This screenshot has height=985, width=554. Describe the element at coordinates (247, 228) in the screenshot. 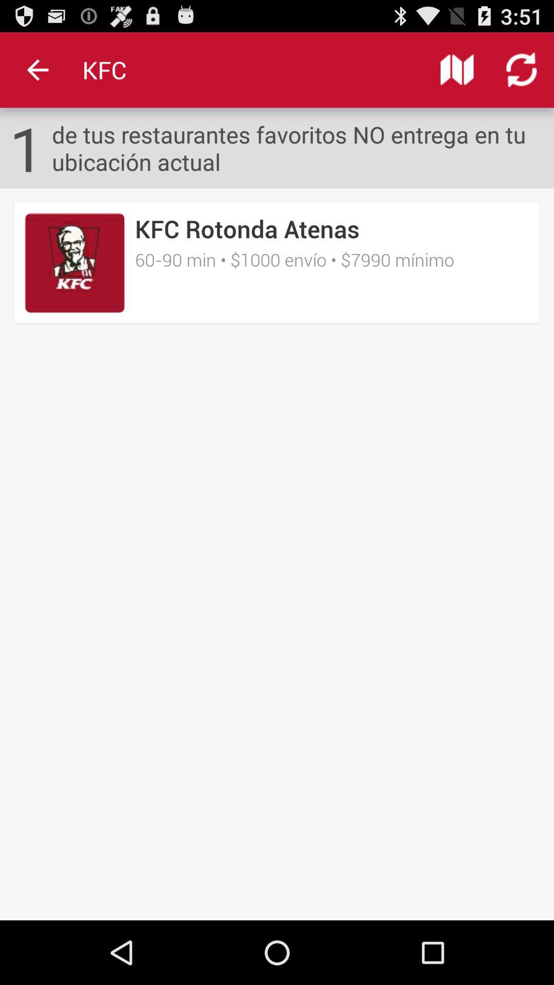

I see `kfc rotonda atenas icon` at that location.